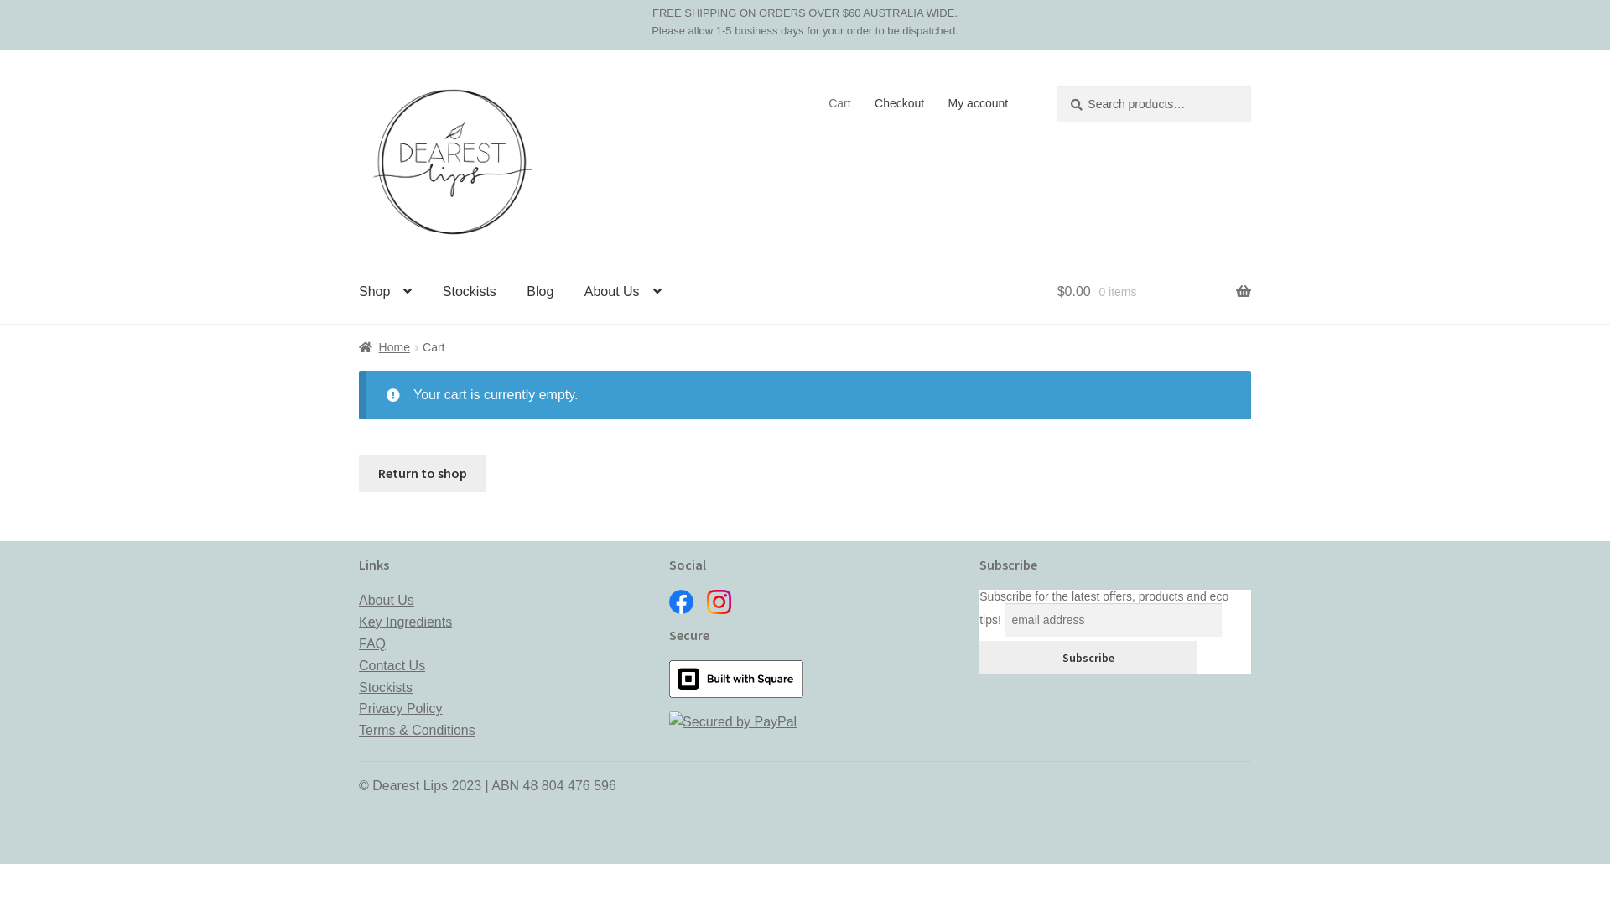  I want to click on 'Search', so click(1055, 85).